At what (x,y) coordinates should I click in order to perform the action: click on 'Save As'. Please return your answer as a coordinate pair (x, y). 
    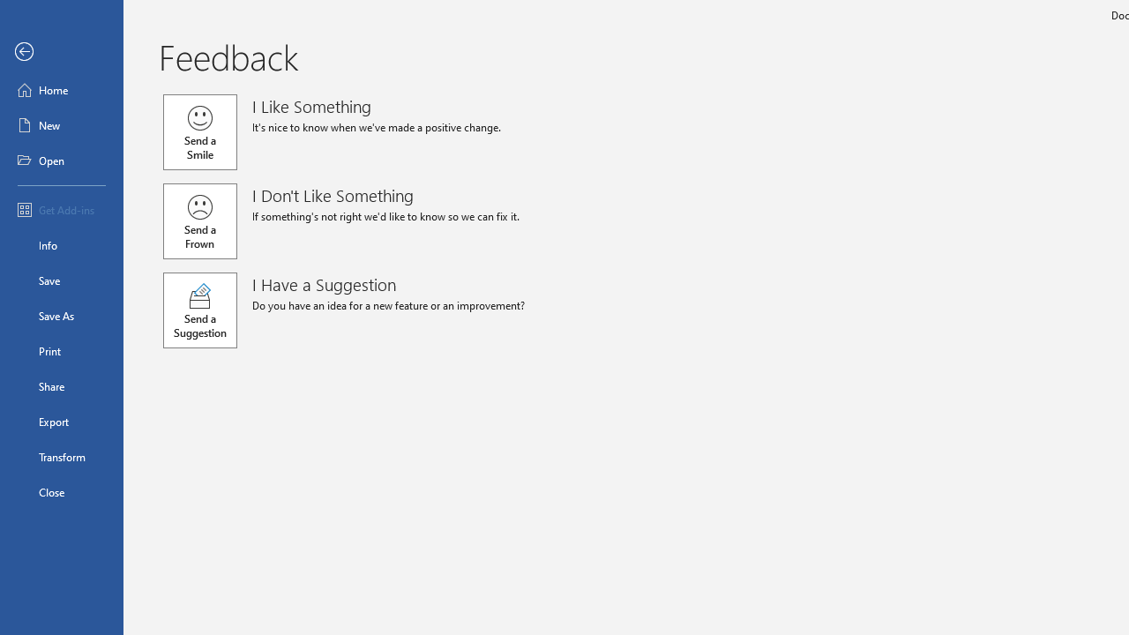
    Looking at the image, I should click on (61, 314).